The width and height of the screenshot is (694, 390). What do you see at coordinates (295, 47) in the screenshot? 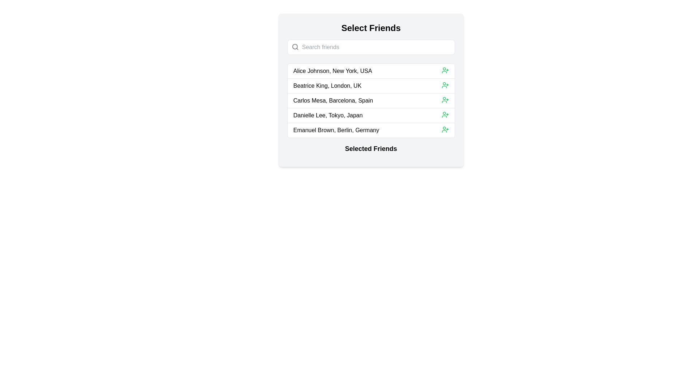
I see `the search icon located inside the rectangular search input field, which indicates the purpose of the search input for 'Search friends'` at bounding box center [295, 47].